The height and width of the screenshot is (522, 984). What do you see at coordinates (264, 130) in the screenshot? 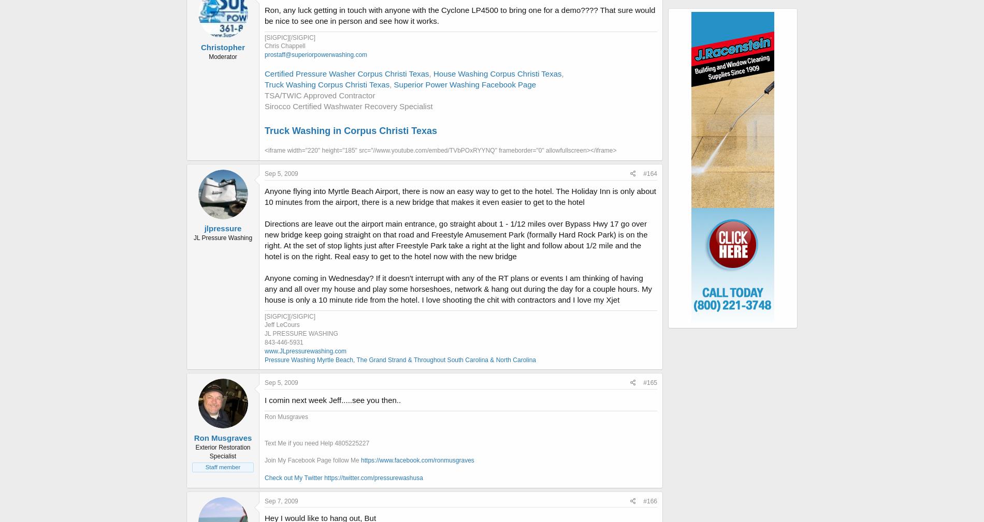
I see `'Truck Washing in Corpus Christi Texas'` at bounding box center [264, 130].